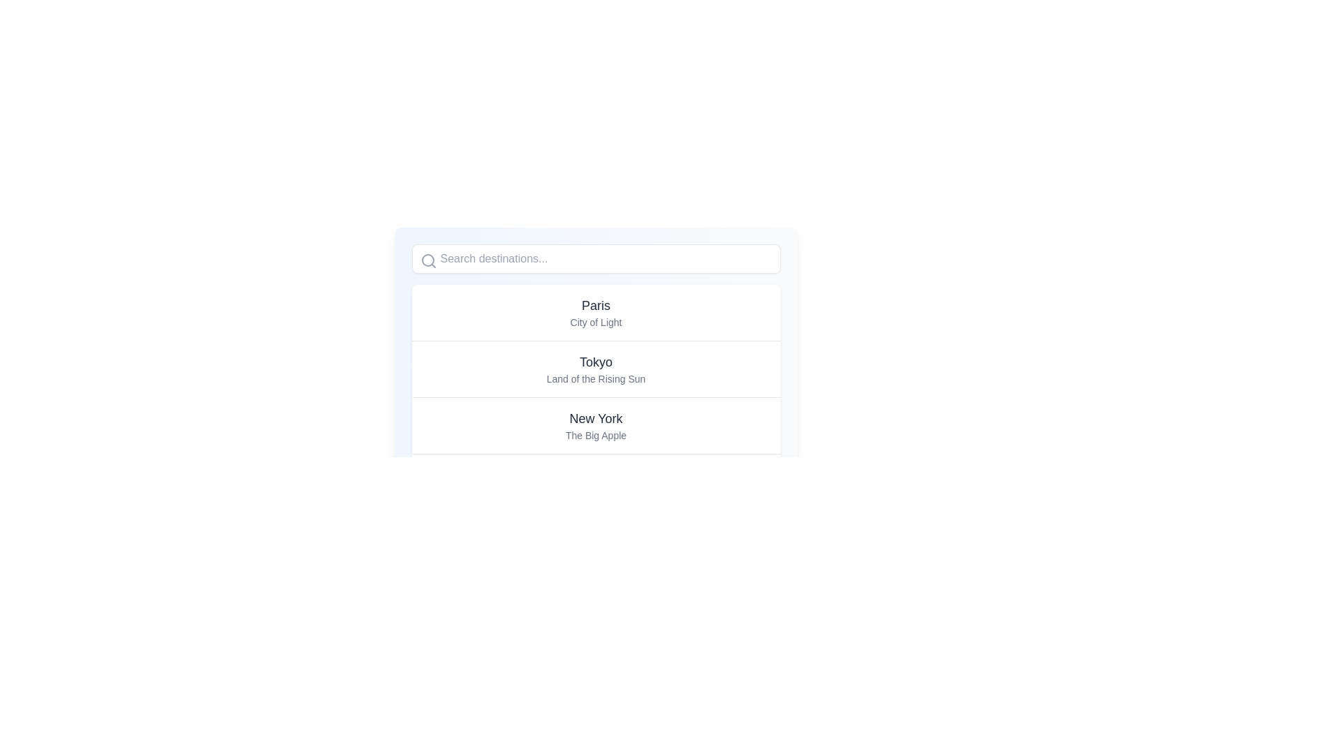 This screenshot has height=754, width=1341. I want to click on the search icon located on the left side of the text input field at the top of the interface, which indicates the search functionality, so click(427, 261).